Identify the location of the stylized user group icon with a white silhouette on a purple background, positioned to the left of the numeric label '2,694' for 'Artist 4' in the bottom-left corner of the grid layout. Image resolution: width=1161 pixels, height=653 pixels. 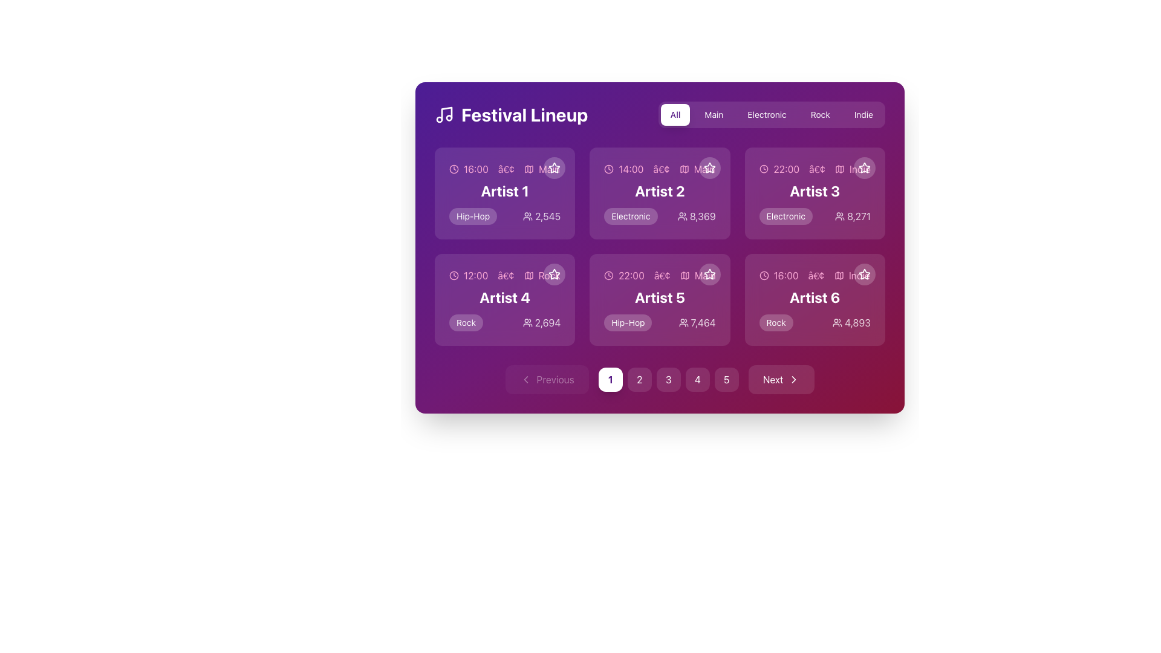
(527, 322).